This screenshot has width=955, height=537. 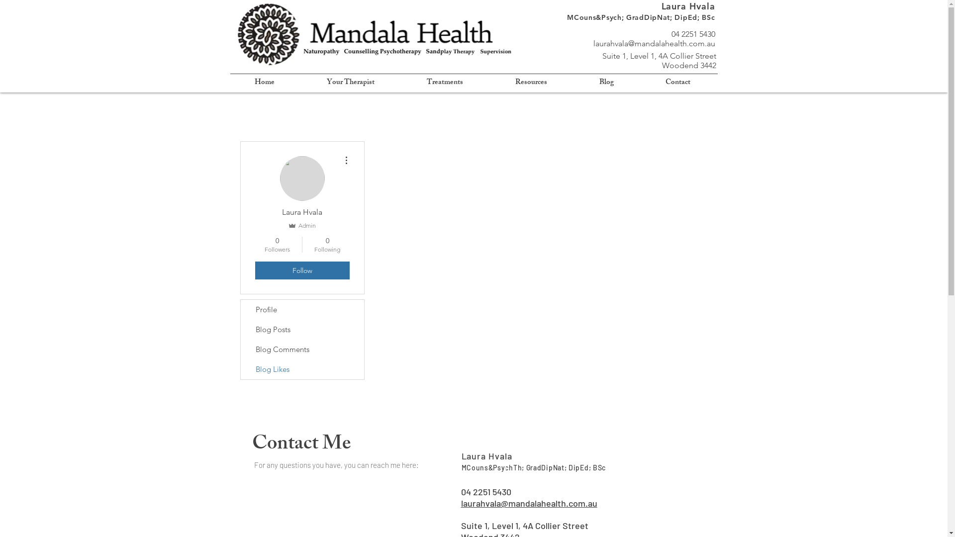 What do you see at coordinates (677, 82) in the screenshot?
I see `'Contact'` at bounding box center [677, 82].